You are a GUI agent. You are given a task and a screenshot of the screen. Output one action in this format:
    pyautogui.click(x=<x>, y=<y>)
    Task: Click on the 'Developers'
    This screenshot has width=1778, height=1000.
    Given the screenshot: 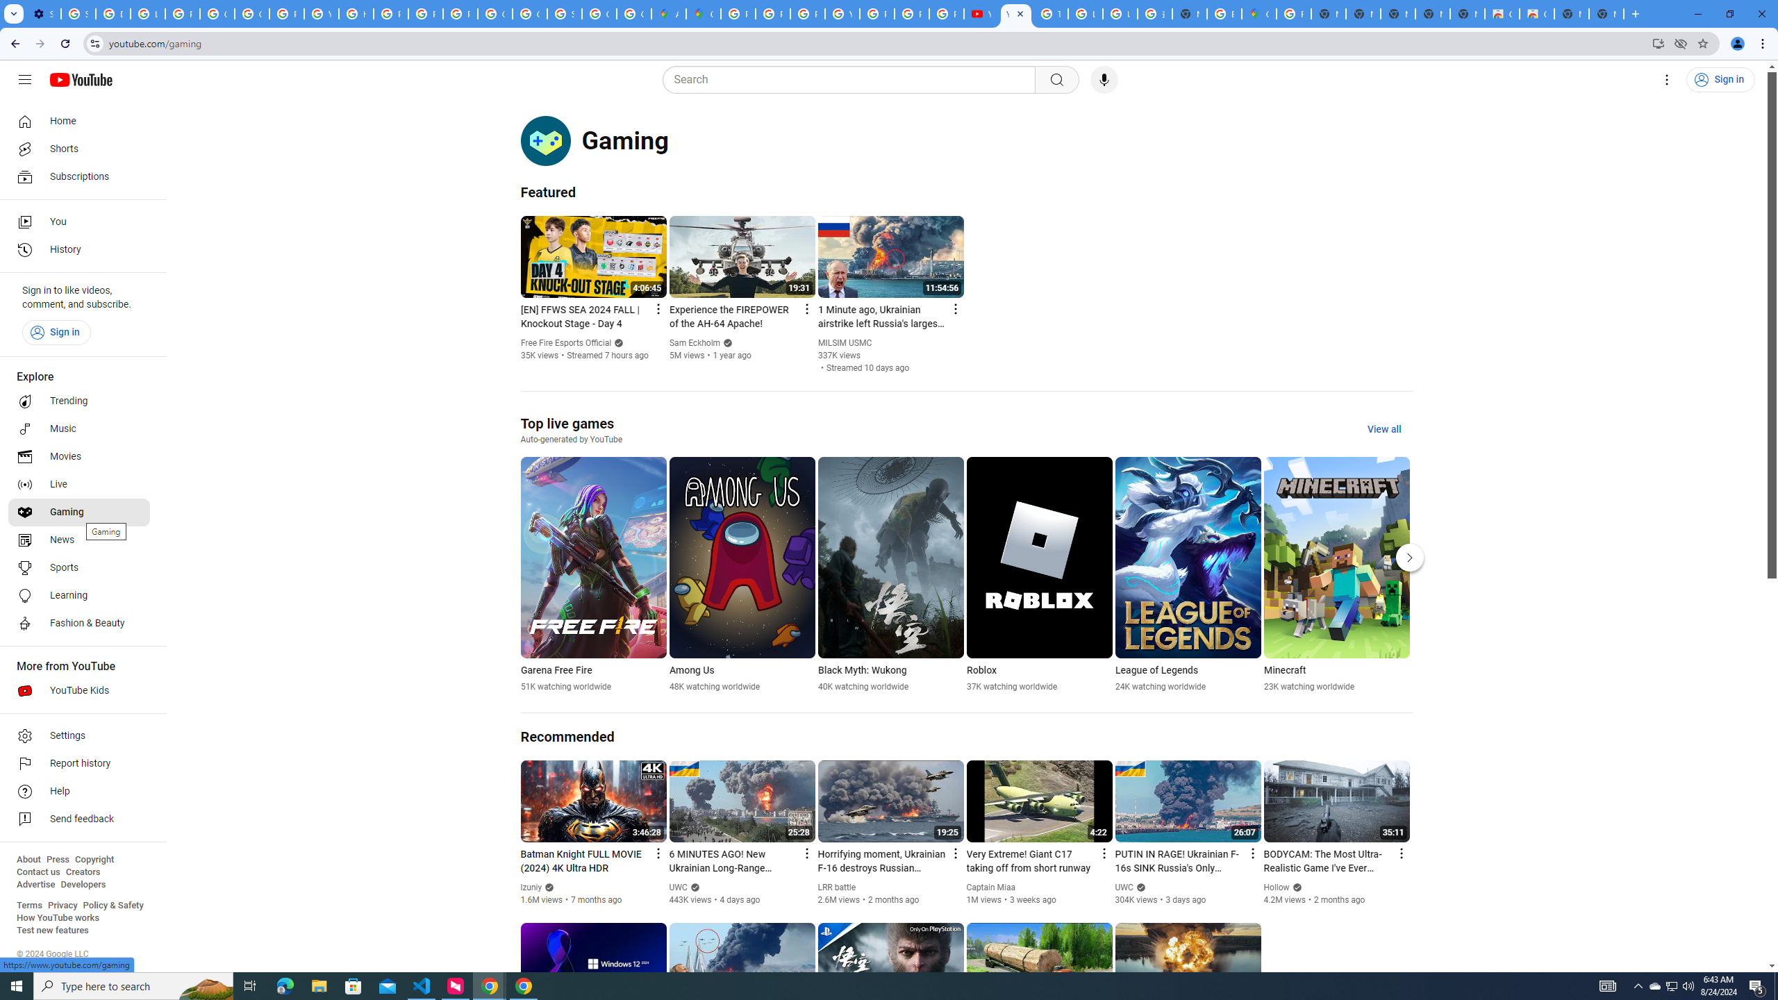 What is the action you would take?
    pyautogui.click(x=83, y=883)
    